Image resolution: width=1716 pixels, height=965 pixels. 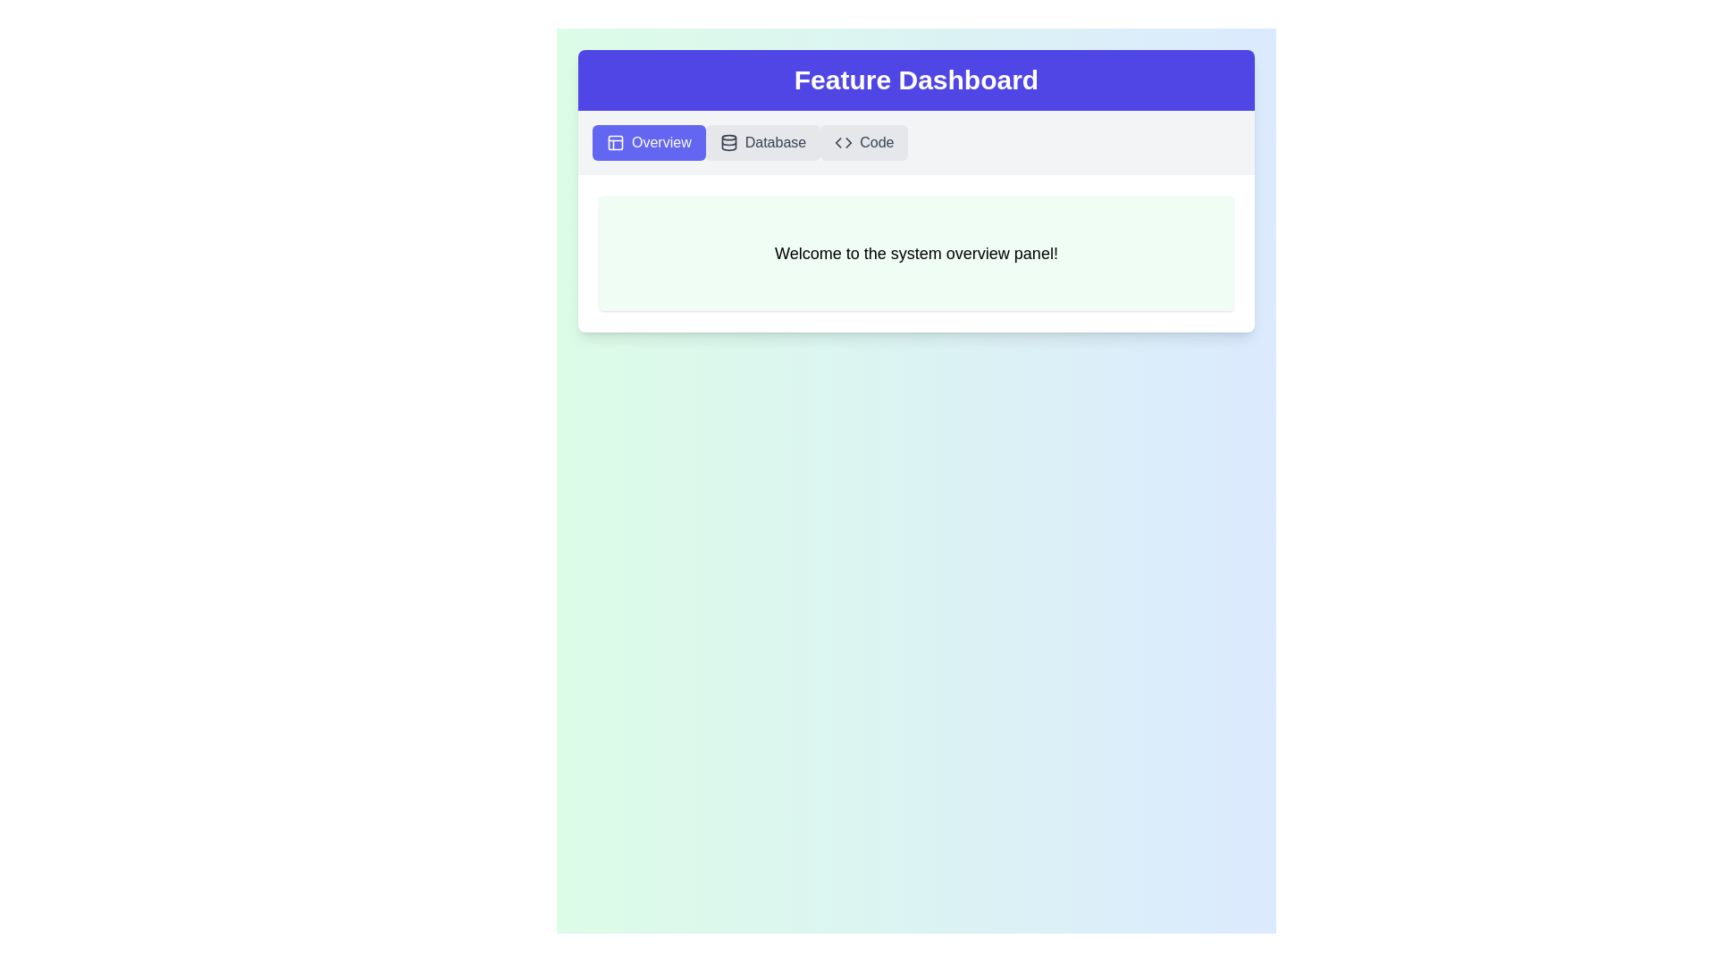 I want to click on right-pointing decorative SVG icon element located in the navigation header area labeled 'Code', positioned near the top of the interface, so click(x=848, y=141).